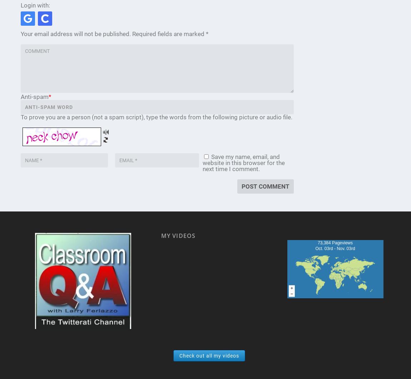  What do you see at coordinates (243, 163) in the screenshot?
I see `'Save my name, email, and website in this browser for the next time I comment.'` at bounding box center [243, 163].